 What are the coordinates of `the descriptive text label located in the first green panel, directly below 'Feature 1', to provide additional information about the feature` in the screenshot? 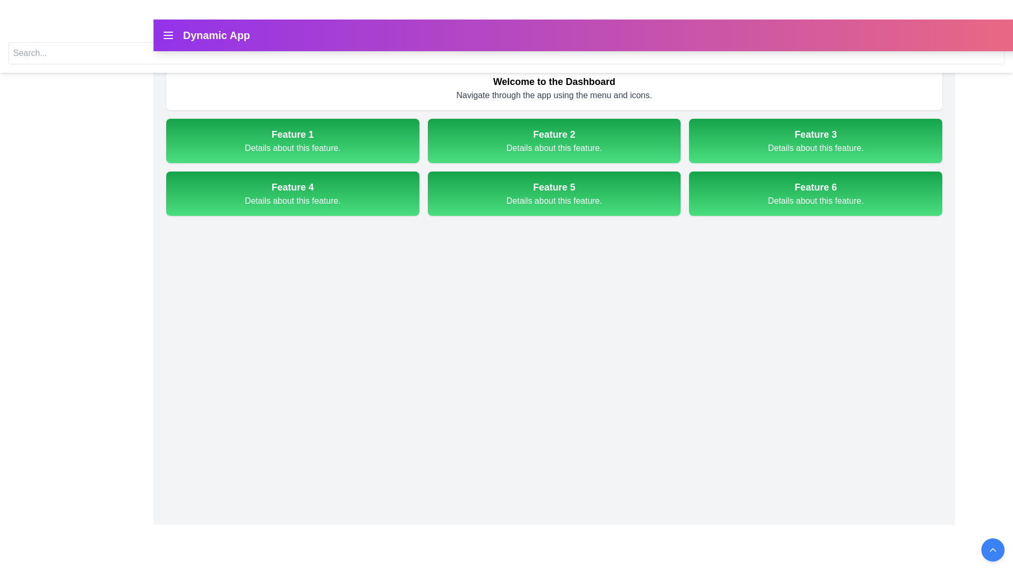 It's located at (292, 148).